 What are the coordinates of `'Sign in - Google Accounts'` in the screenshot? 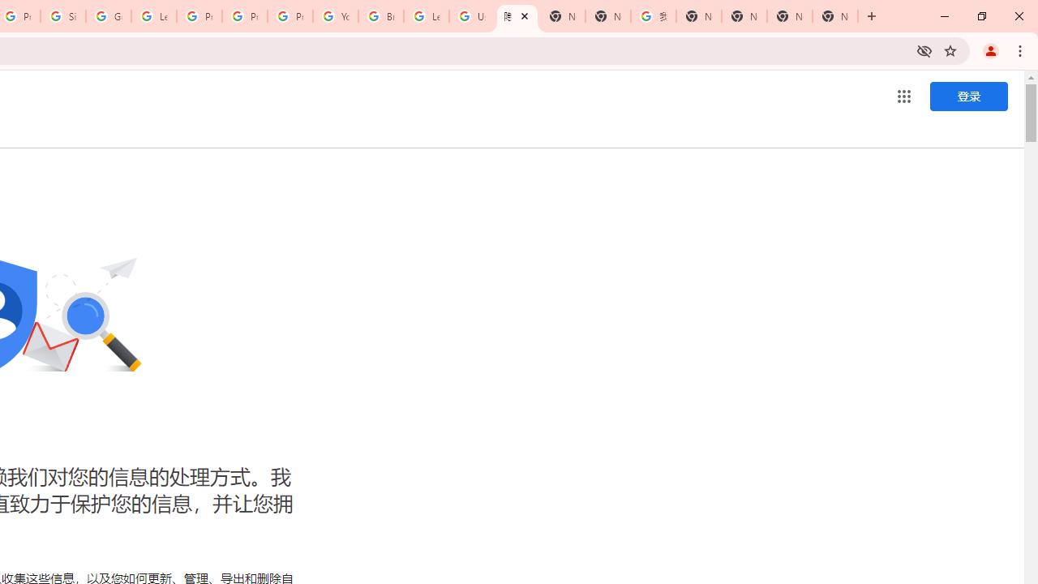 It's located at (63, 16).